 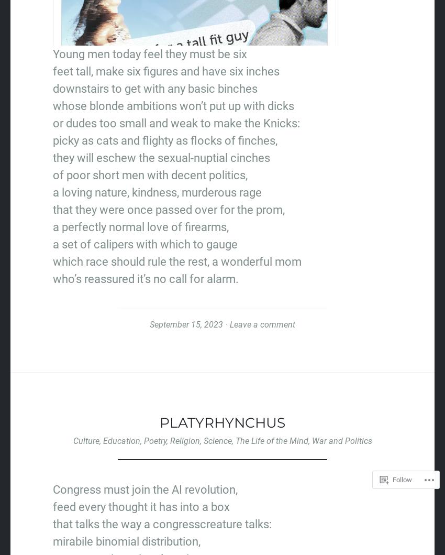 What do you see at coordinates (102, 440) in the screenshot?
I see `'Education'` at bounding box center [102, 440].